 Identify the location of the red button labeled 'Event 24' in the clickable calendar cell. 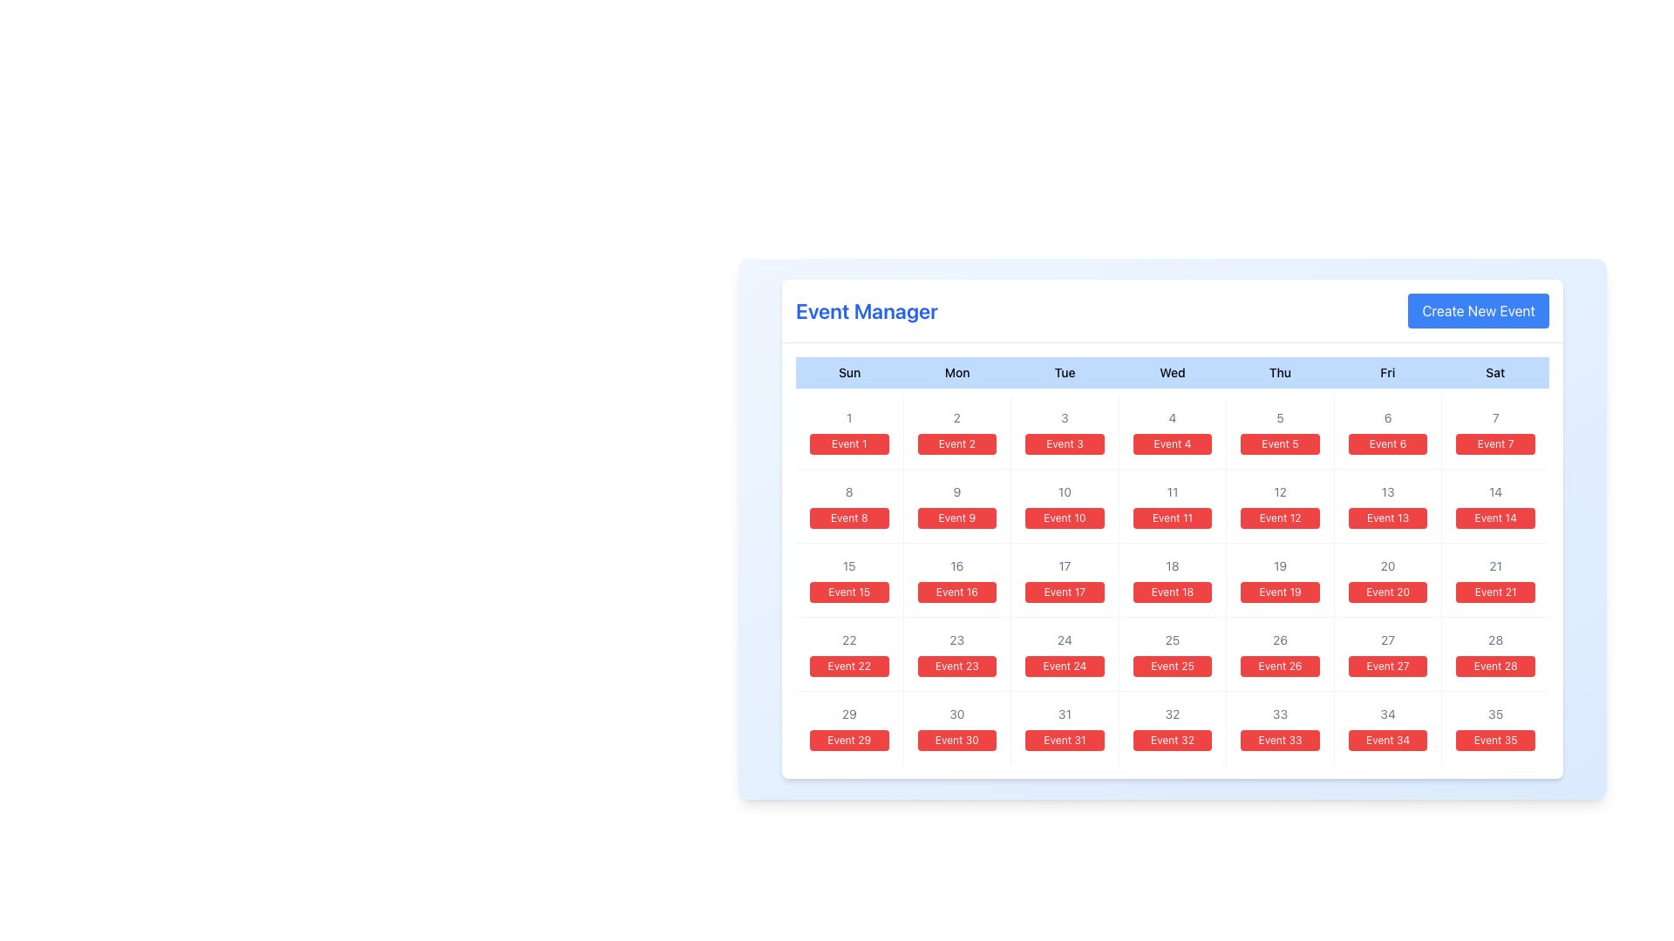
(1063, 654).